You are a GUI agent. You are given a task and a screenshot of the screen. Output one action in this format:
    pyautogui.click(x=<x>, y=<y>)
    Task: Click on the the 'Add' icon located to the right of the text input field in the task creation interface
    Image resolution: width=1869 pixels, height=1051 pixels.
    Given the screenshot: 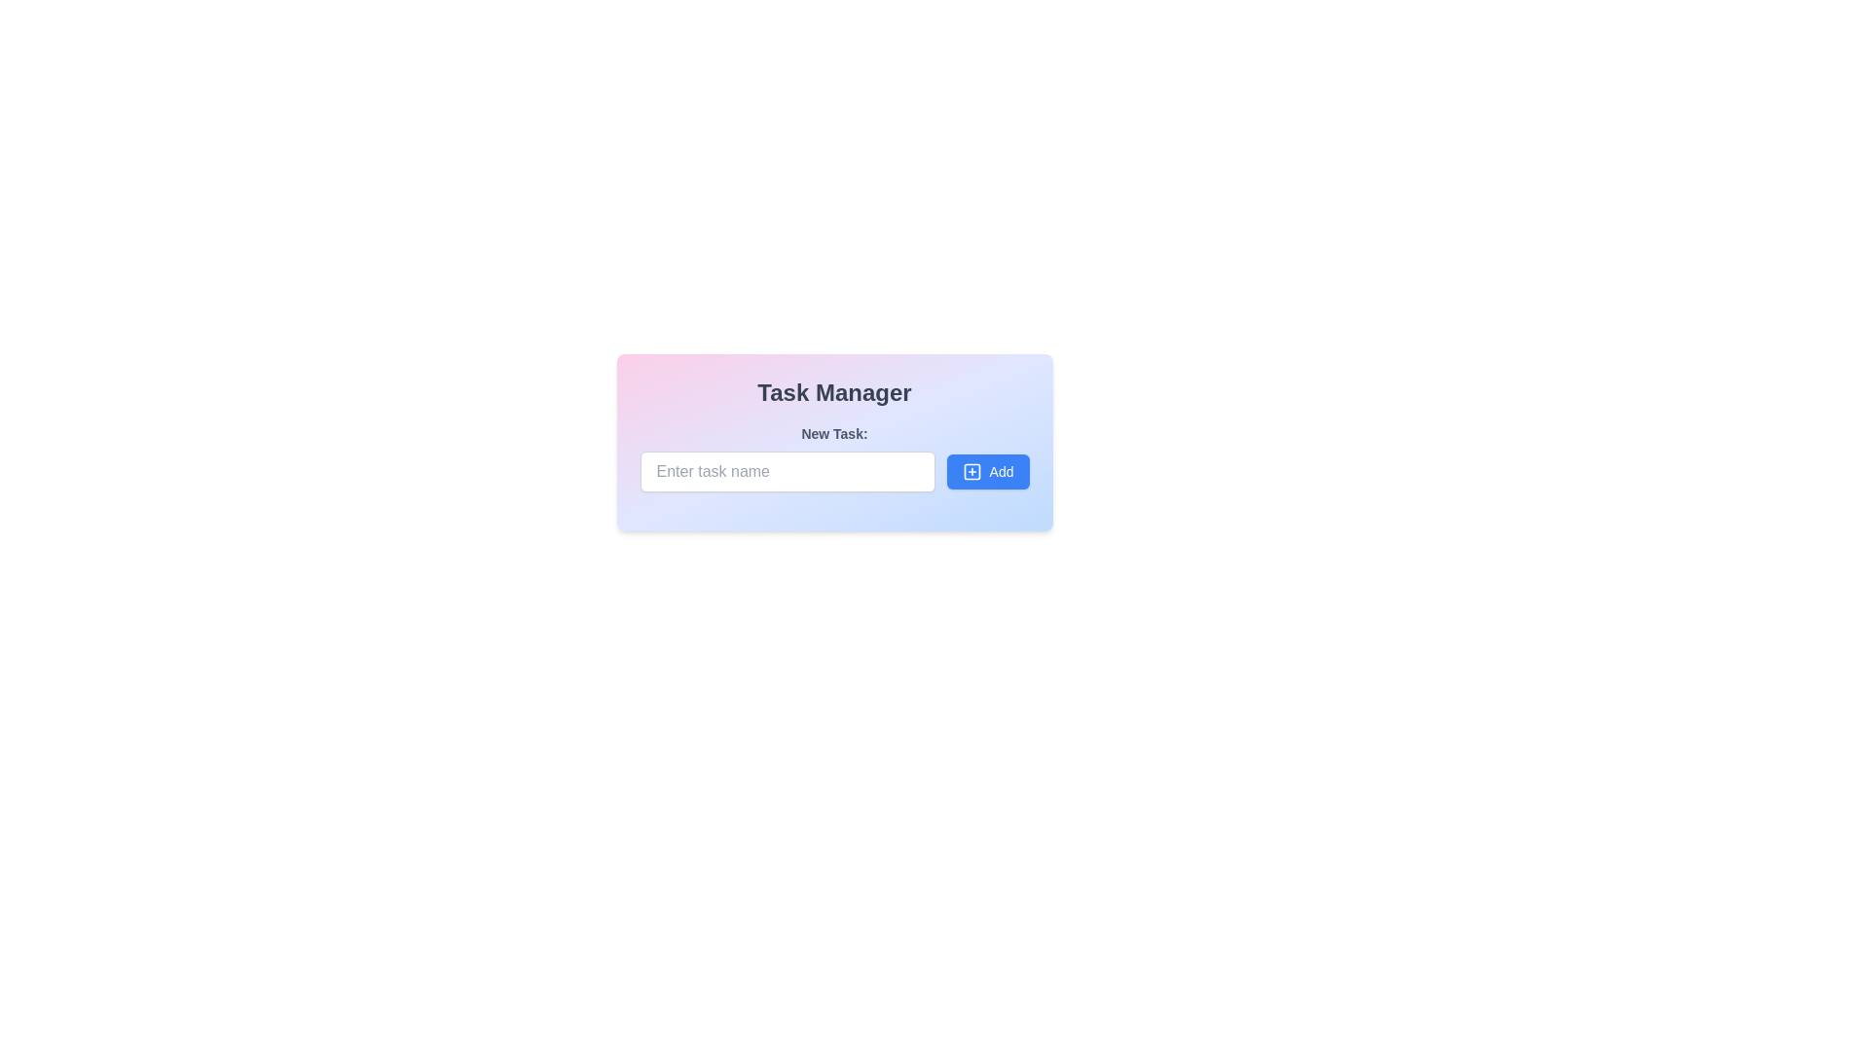 What is the action you would take?
    pyautogui.click(x=971, y=472)
    